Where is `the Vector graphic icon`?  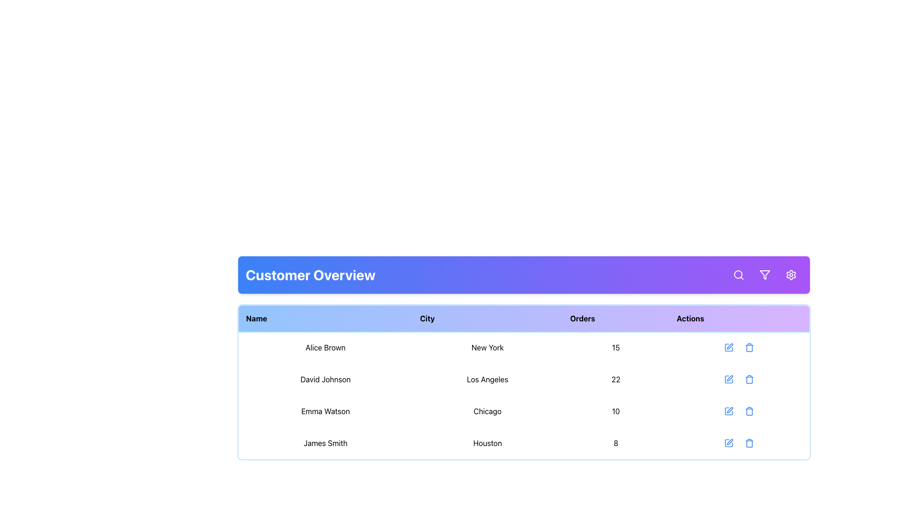
the Vector graphic icon is located at coordinates (728, 443).